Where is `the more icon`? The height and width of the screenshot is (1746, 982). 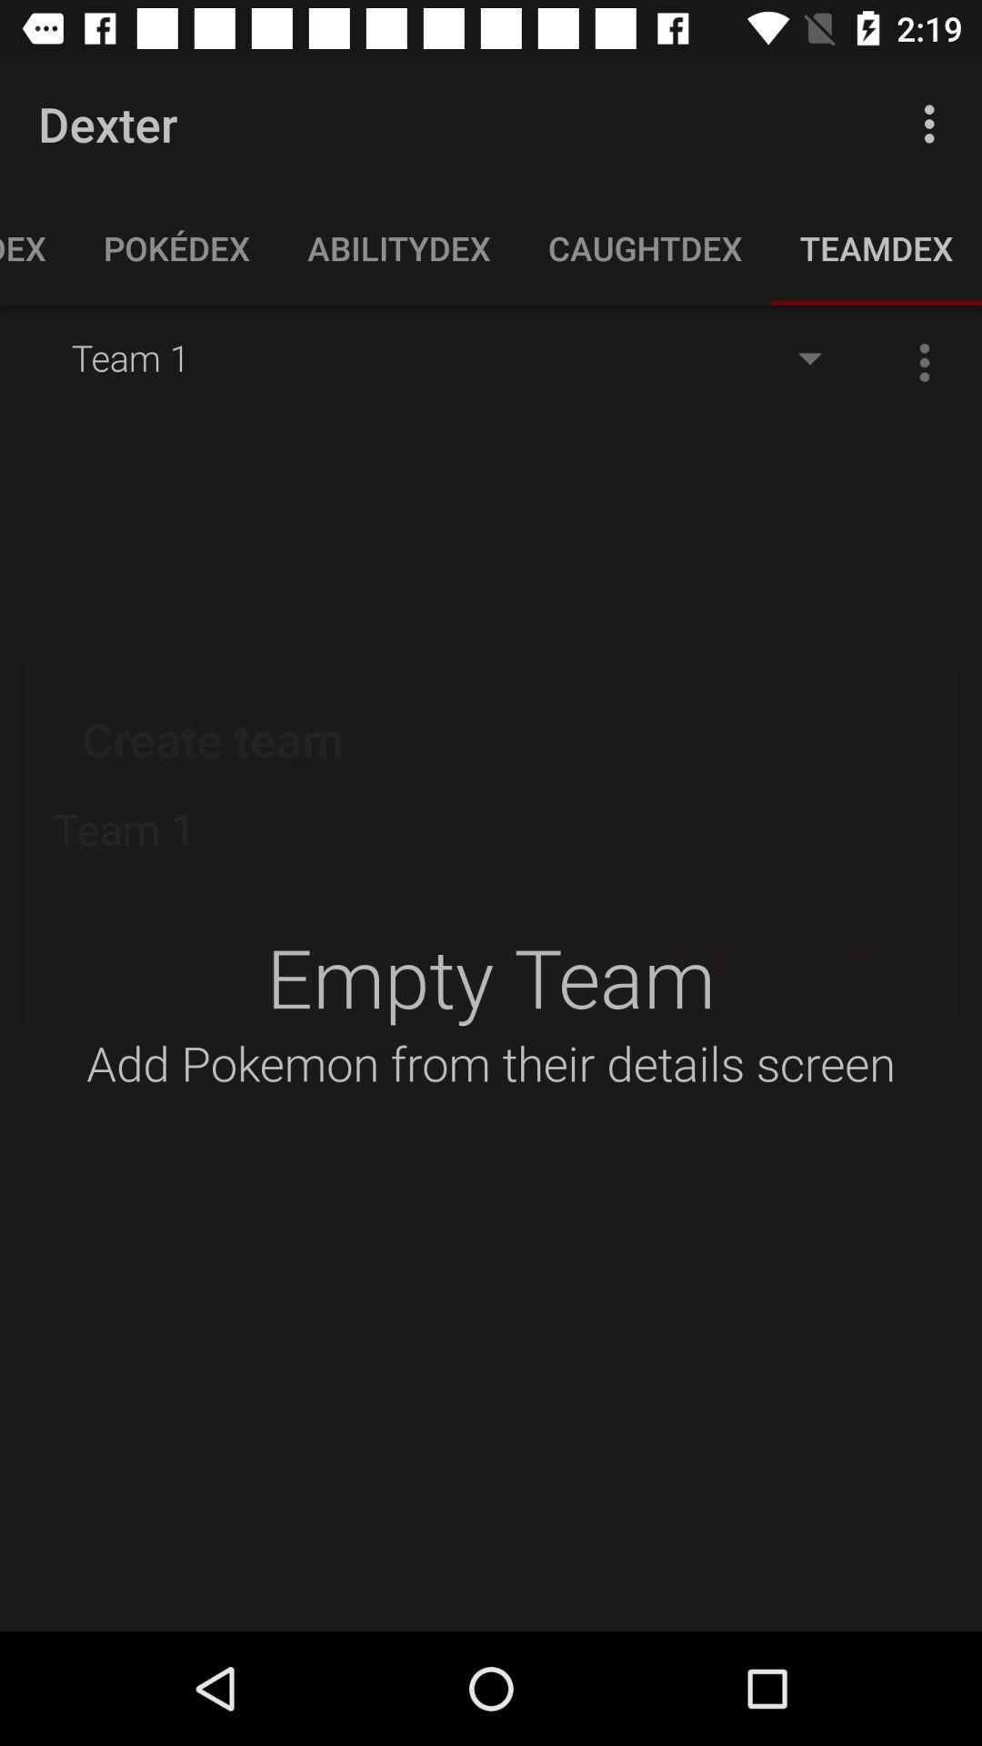 the more icon is located at coordinates (925, 362).